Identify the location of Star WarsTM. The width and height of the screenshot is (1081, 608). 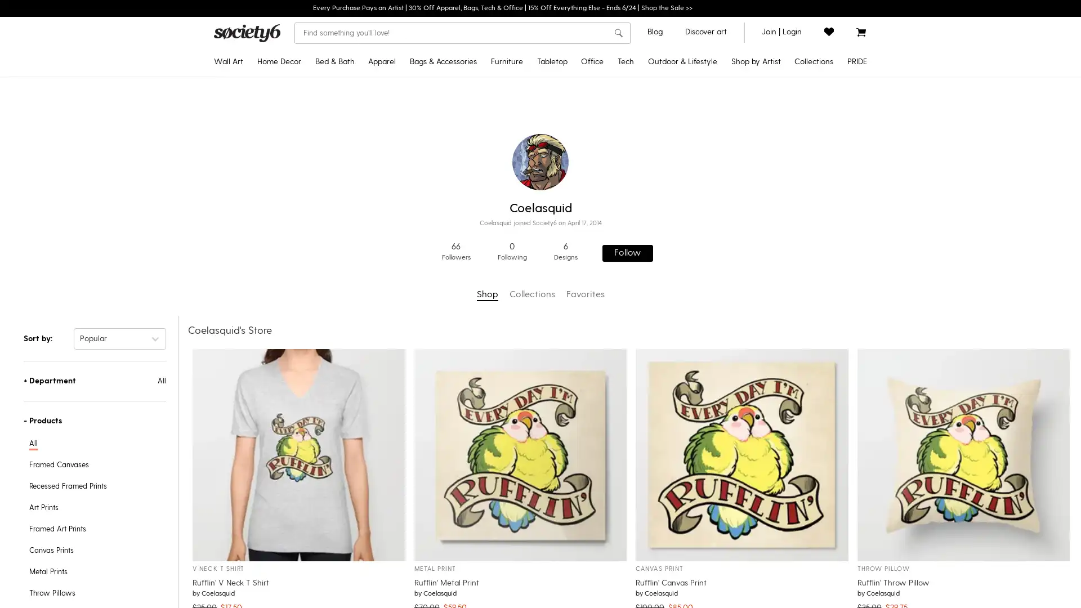
(725, 108).